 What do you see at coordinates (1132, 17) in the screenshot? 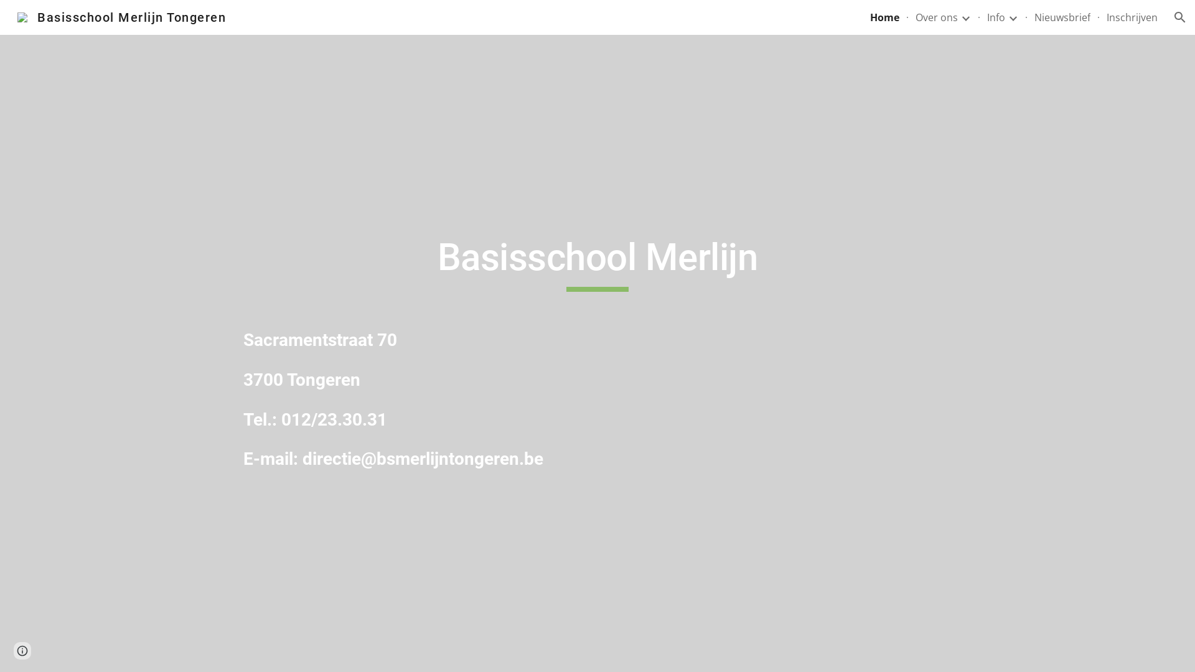
I see `'Inschrijven'` at bounding box center [1132, 17].